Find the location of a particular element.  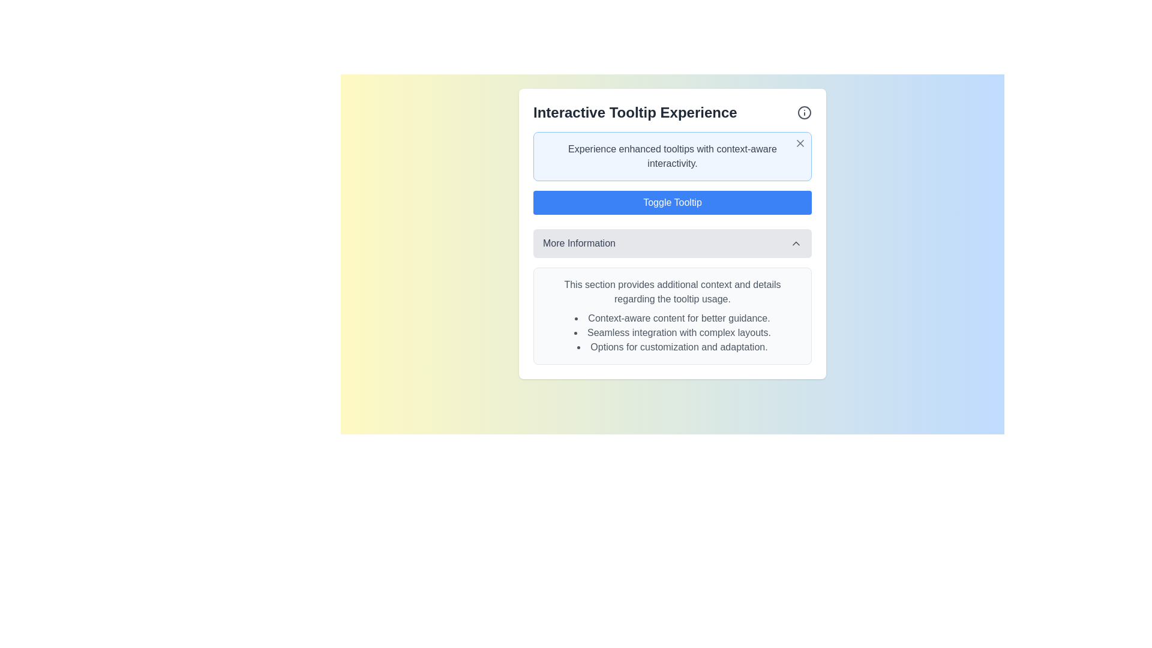

the text component displaying 'Experience enhanced tooltips with context-aware interactivity.' which is styled in gray on a light blue background is located at coordinates (673, 156).